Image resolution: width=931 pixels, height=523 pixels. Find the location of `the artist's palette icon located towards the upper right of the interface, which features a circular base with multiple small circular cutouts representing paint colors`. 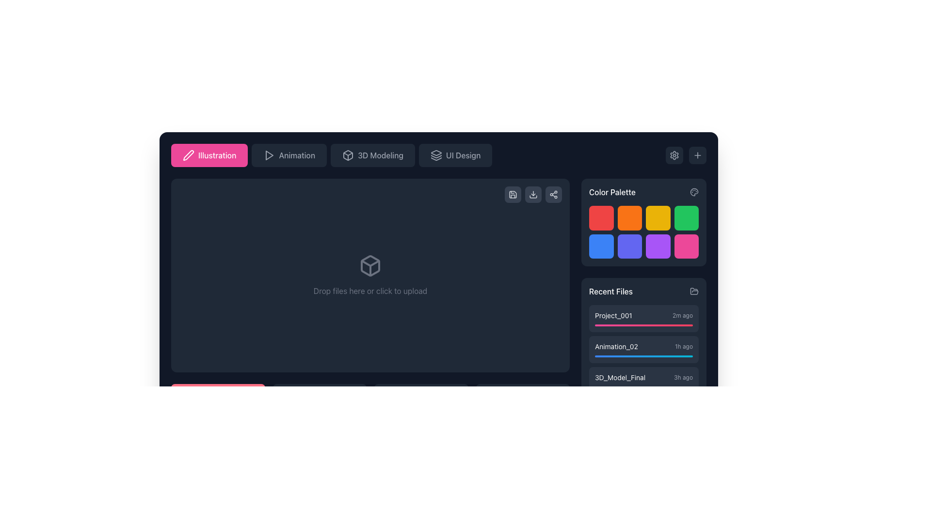

the artist's palette icon located towards the upper right of the interface, which features a circular base with multiple small circular cutouts representing paint colors is located at coordinates (693, 192).